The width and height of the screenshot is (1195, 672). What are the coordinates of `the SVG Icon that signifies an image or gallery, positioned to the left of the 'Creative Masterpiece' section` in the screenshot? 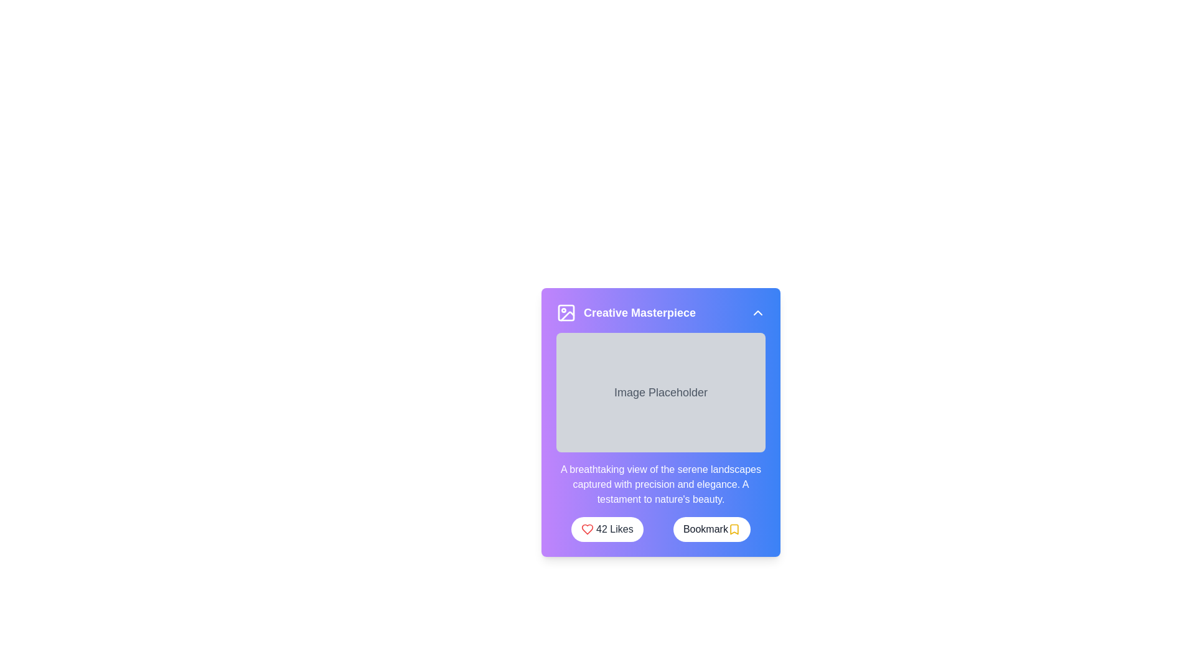 It's located at (566, 312).